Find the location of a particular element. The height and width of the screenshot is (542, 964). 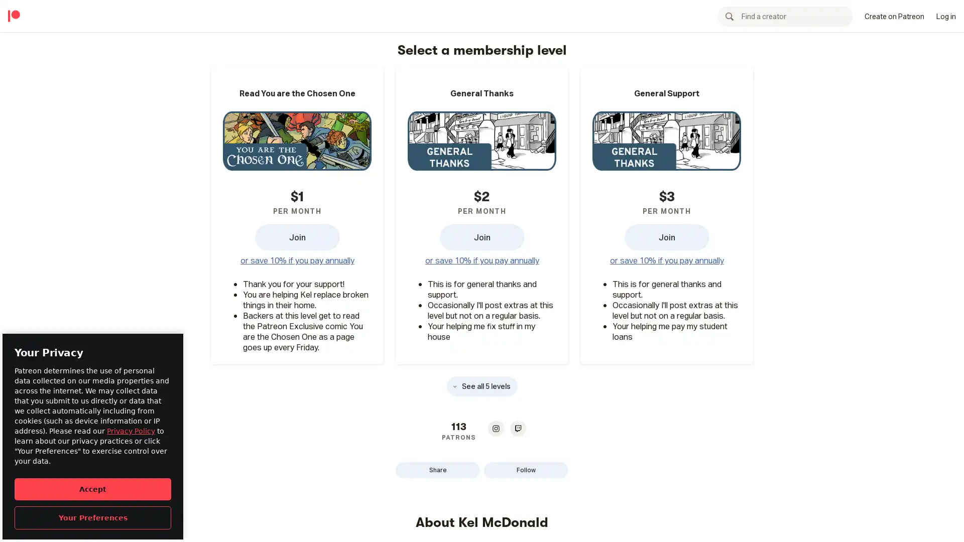

Your Preferences is located at coordinates (93, 517).